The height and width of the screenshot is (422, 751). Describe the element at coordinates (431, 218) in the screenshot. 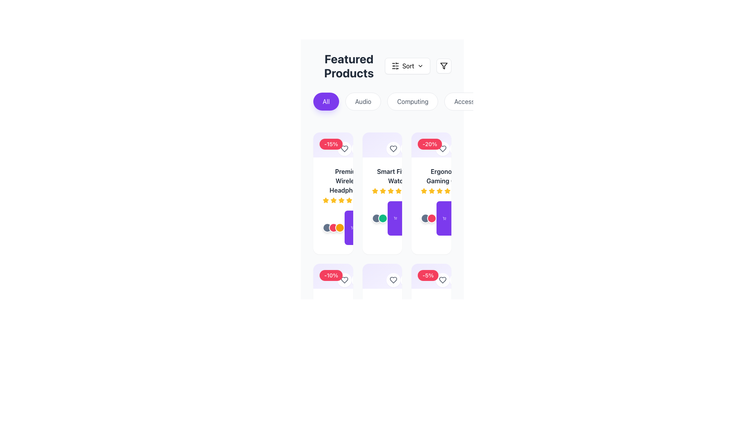

I see `the second circular interactive button with a prominent red fill color, located in a horizontal row below the product description for 'Ergonomic Gaming Chair' in the third product card` at that location.